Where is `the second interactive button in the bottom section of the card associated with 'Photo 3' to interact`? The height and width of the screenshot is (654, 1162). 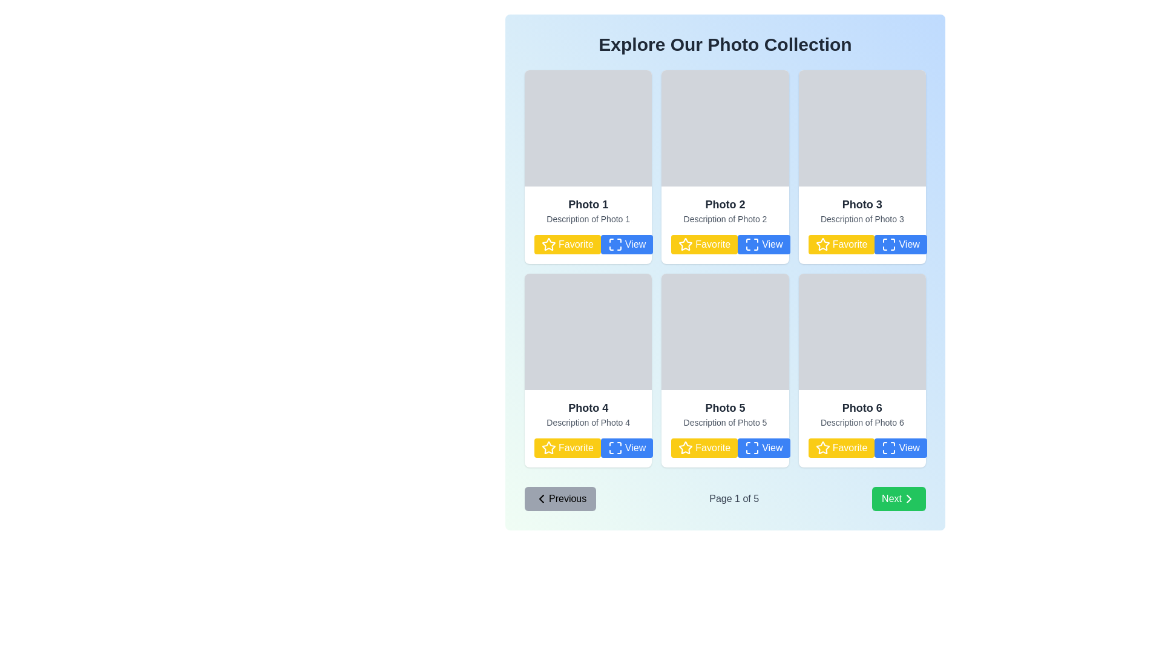 the second interactive button in the bottom section of the card associated with 'Photo 3' to interact is located at coordinates (901, 245).